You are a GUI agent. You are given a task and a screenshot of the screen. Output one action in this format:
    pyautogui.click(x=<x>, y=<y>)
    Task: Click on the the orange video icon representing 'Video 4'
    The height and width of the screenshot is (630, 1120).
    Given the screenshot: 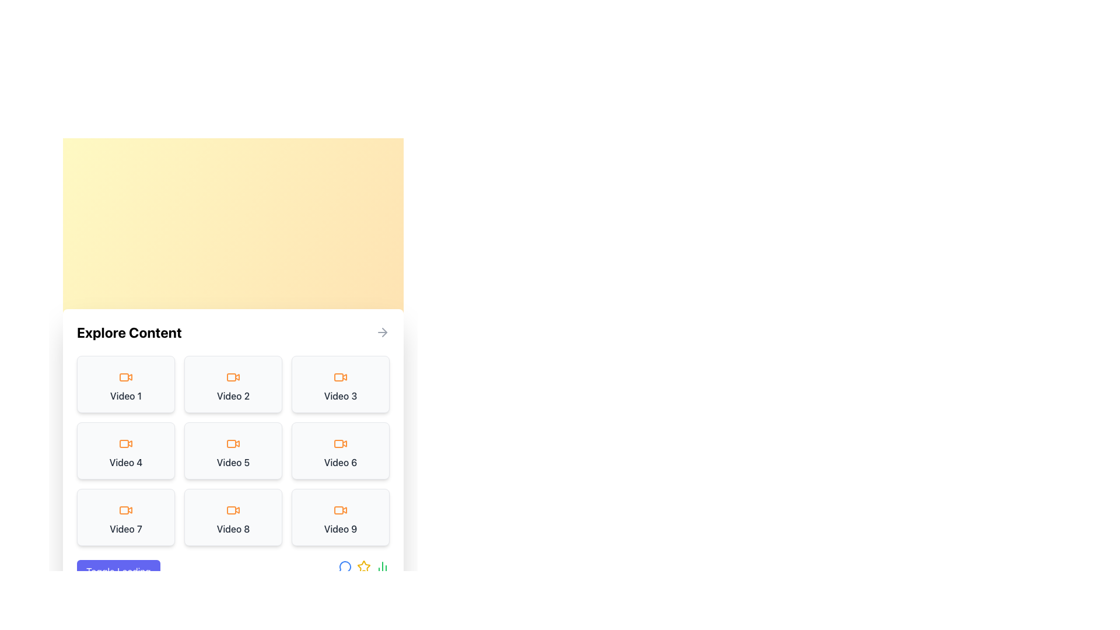 What is the action you would take?
    pyautogui.click(x=126, y=443)
    